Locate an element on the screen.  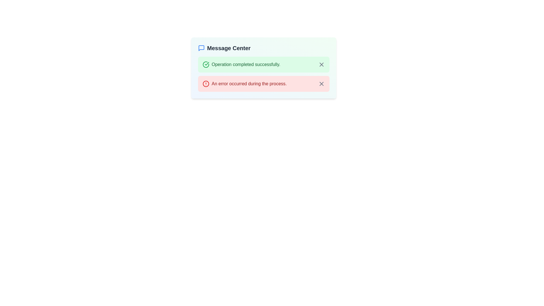
the success message text label that indicates the completion of an operation, positioned to the right of a green check circle icon is located at coordinates (246, 64).